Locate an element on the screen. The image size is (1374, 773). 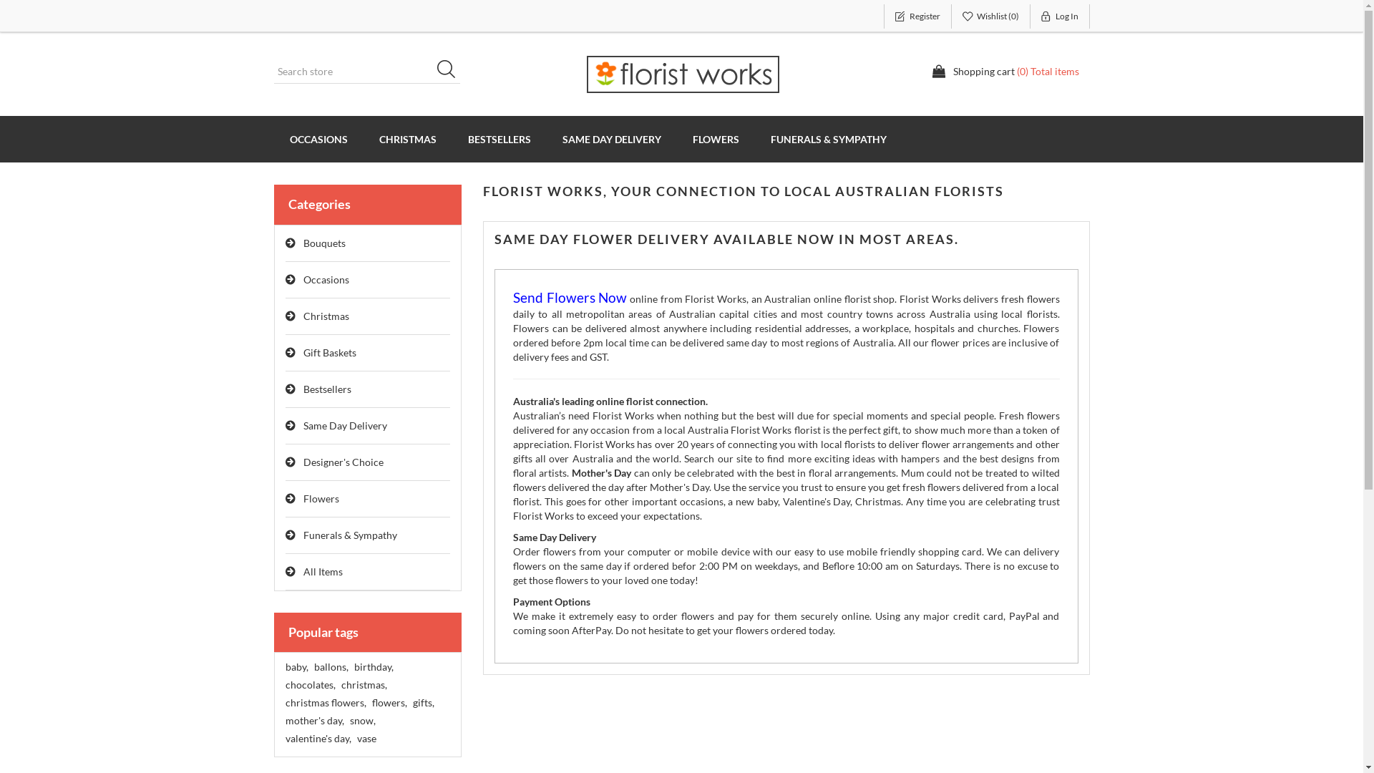
'Christmas' is located at coordinates (367, 316).